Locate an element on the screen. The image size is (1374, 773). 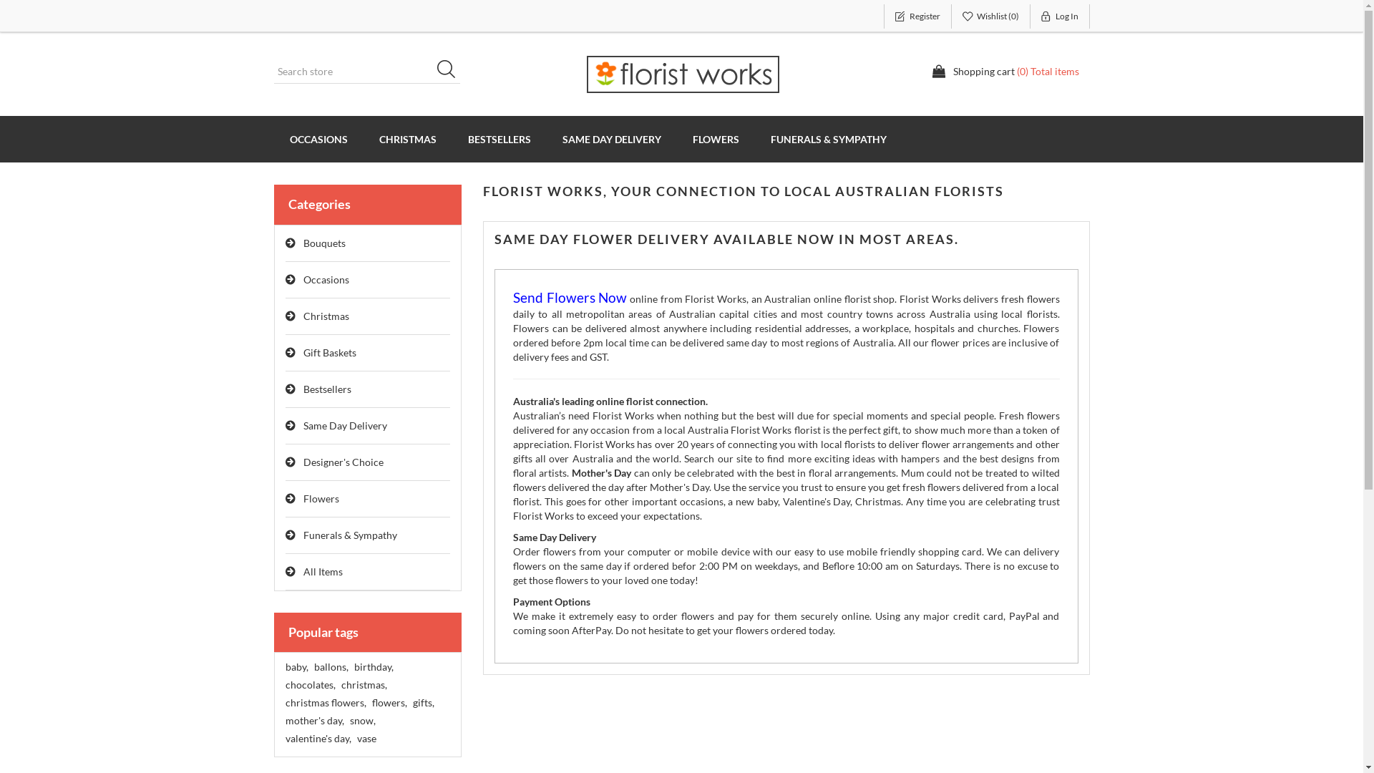
'Christmas' is located at coordinates (367, 316).